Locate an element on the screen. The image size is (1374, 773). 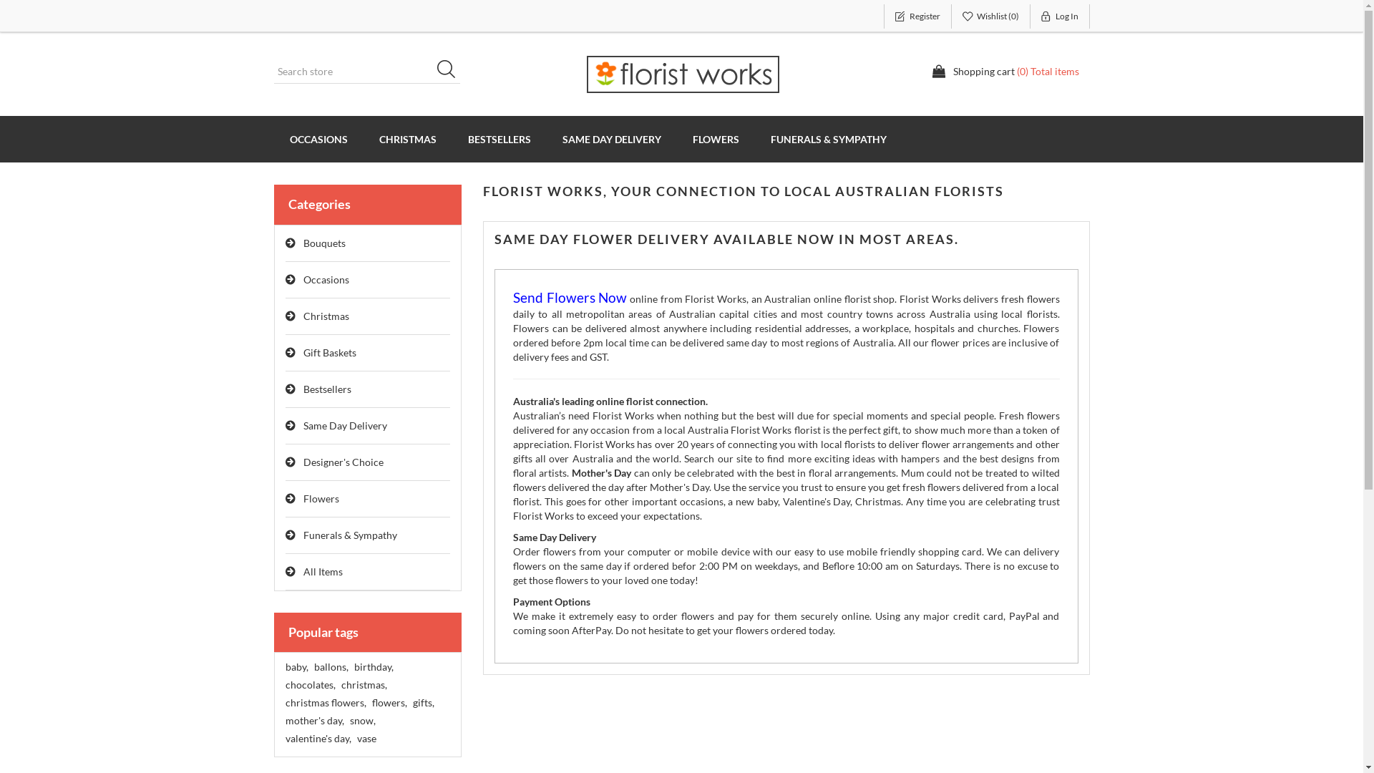
'Christmas' is located at coordinates (367, 316).